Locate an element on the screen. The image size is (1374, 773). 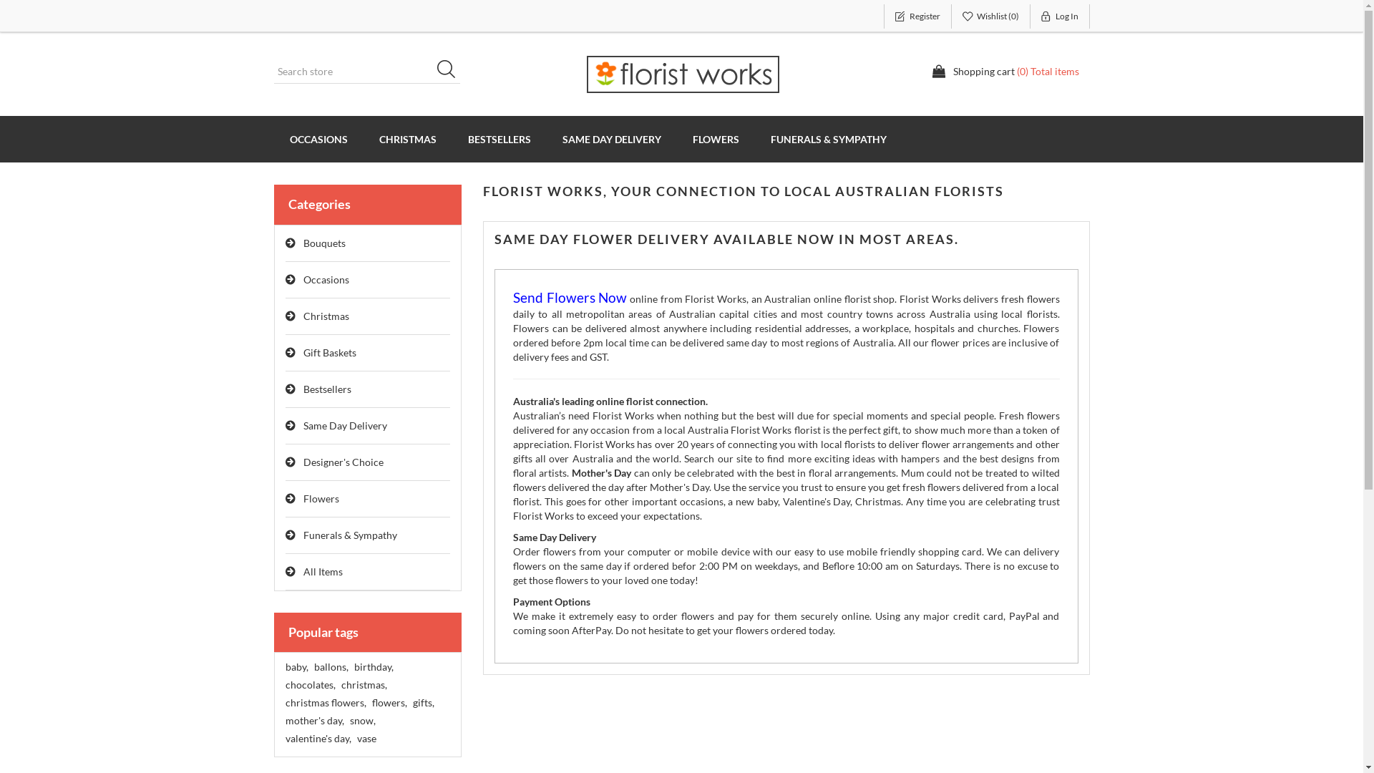
'Christmas' is located at coordinates (367, 316).